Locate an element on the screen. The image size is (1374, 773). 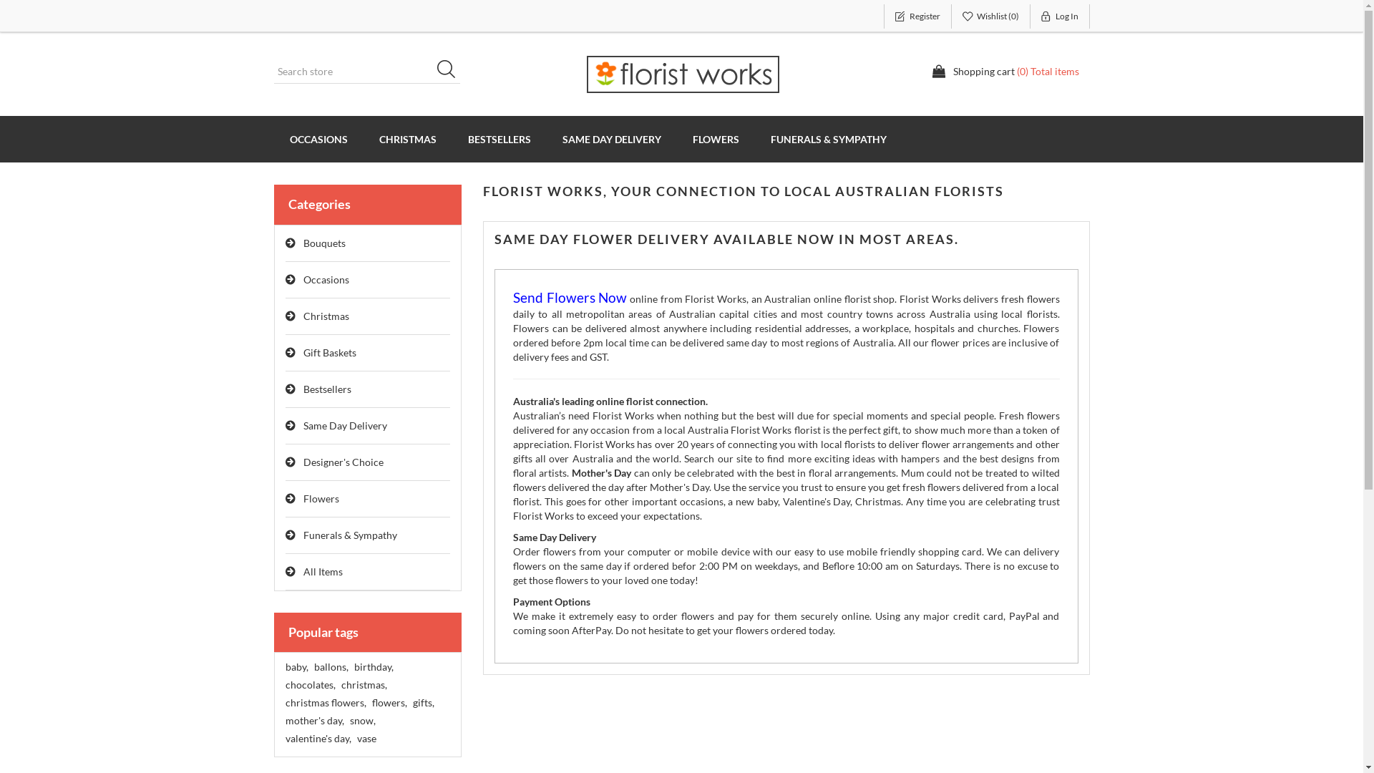
'Christmas' is located at coordinates (367, 316).